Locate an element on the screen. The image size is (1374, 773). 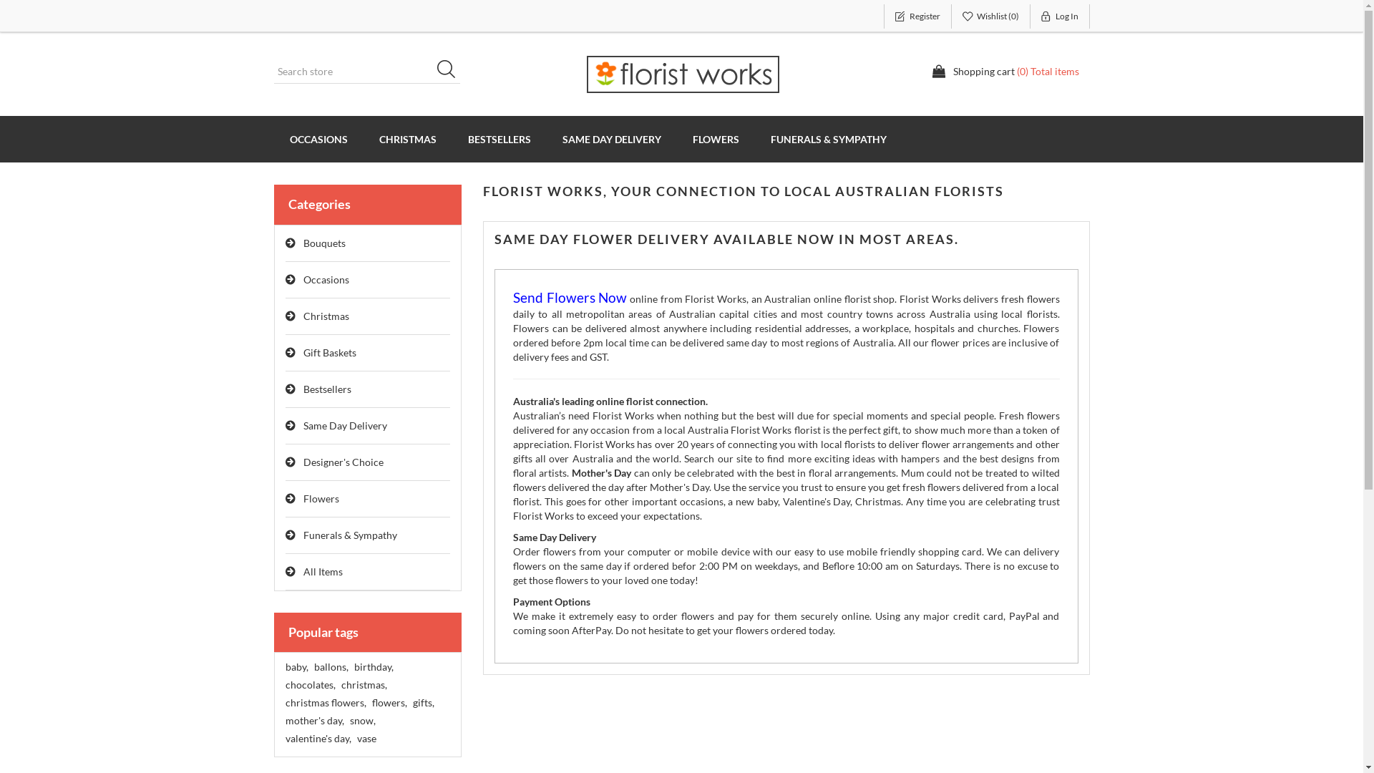
'Christmas' is located at coordinates (367, 316).